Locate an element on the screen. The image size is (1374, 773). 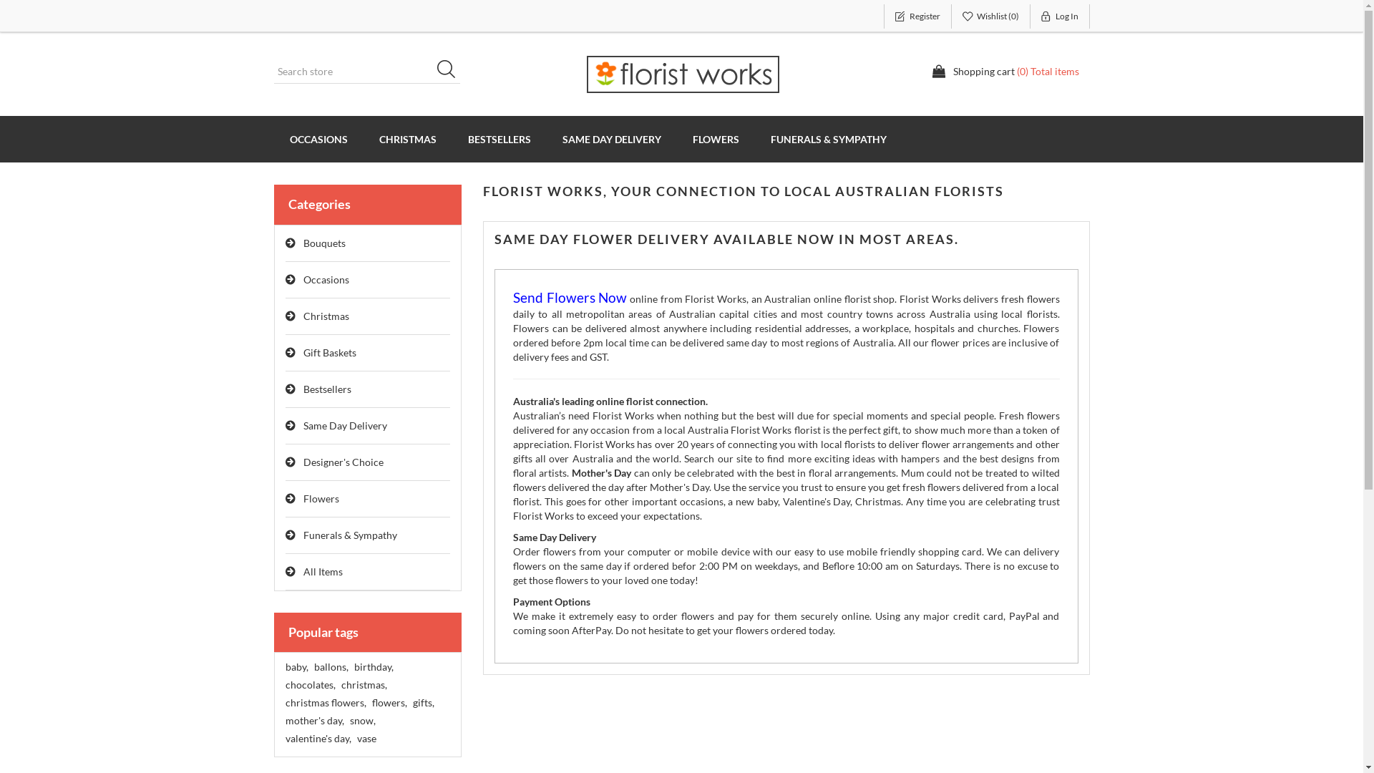
'Christmas' is located at coordinates (367, 316).